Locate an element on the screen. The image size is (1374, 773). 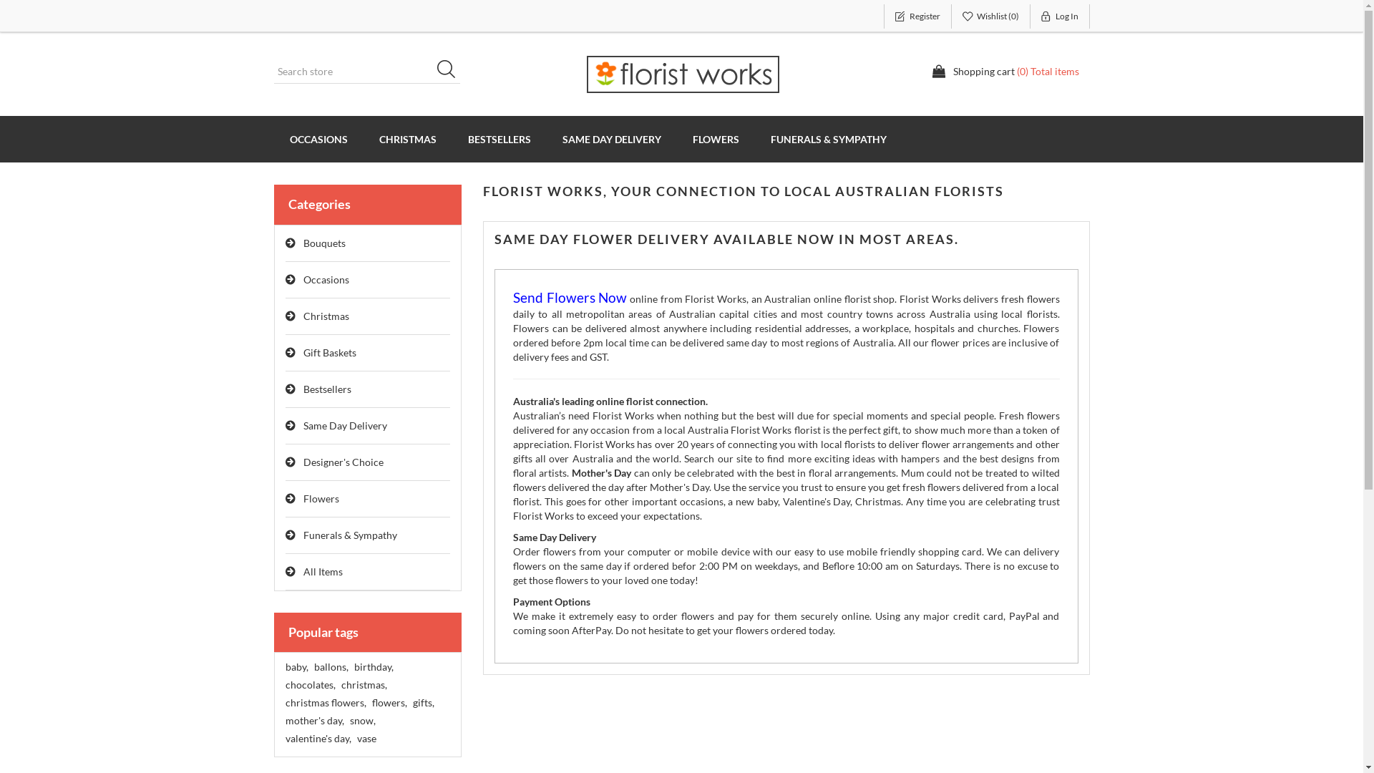
'Christmas' is located at coordinates (367, 316).